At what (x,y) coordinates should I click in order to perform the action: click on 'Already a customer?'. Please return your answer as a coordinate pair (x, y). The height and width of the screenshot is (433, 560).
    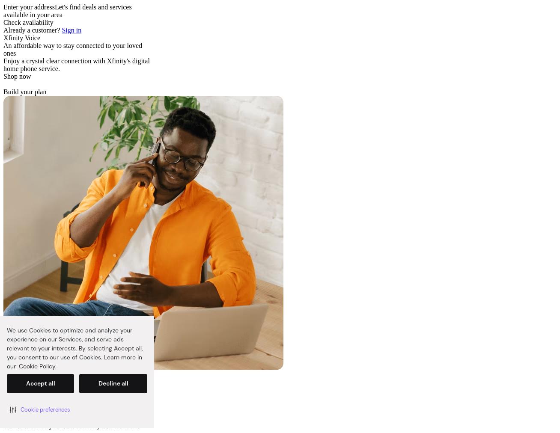
    Looking at the image, I should click on (3, 30).